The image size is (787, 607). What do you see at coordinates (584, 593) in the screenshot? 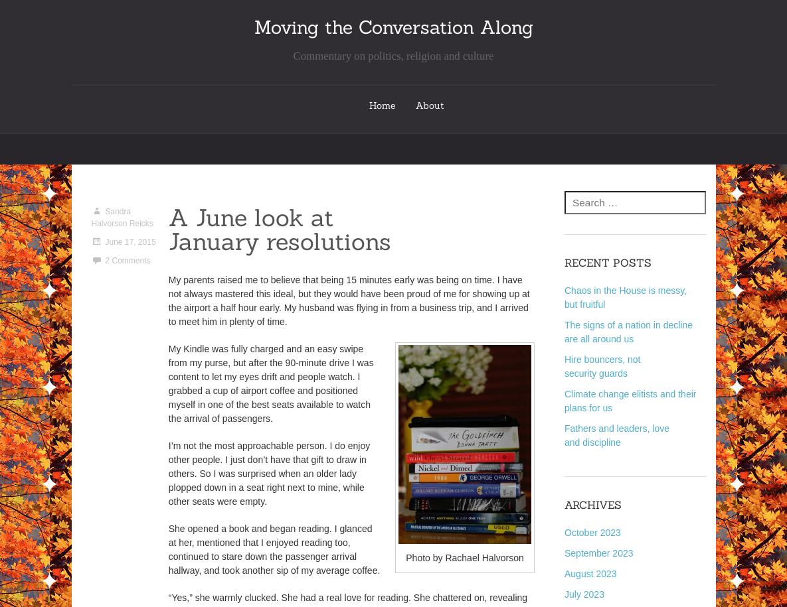
I see `'July 2023'` at bounding box center [584, 593].